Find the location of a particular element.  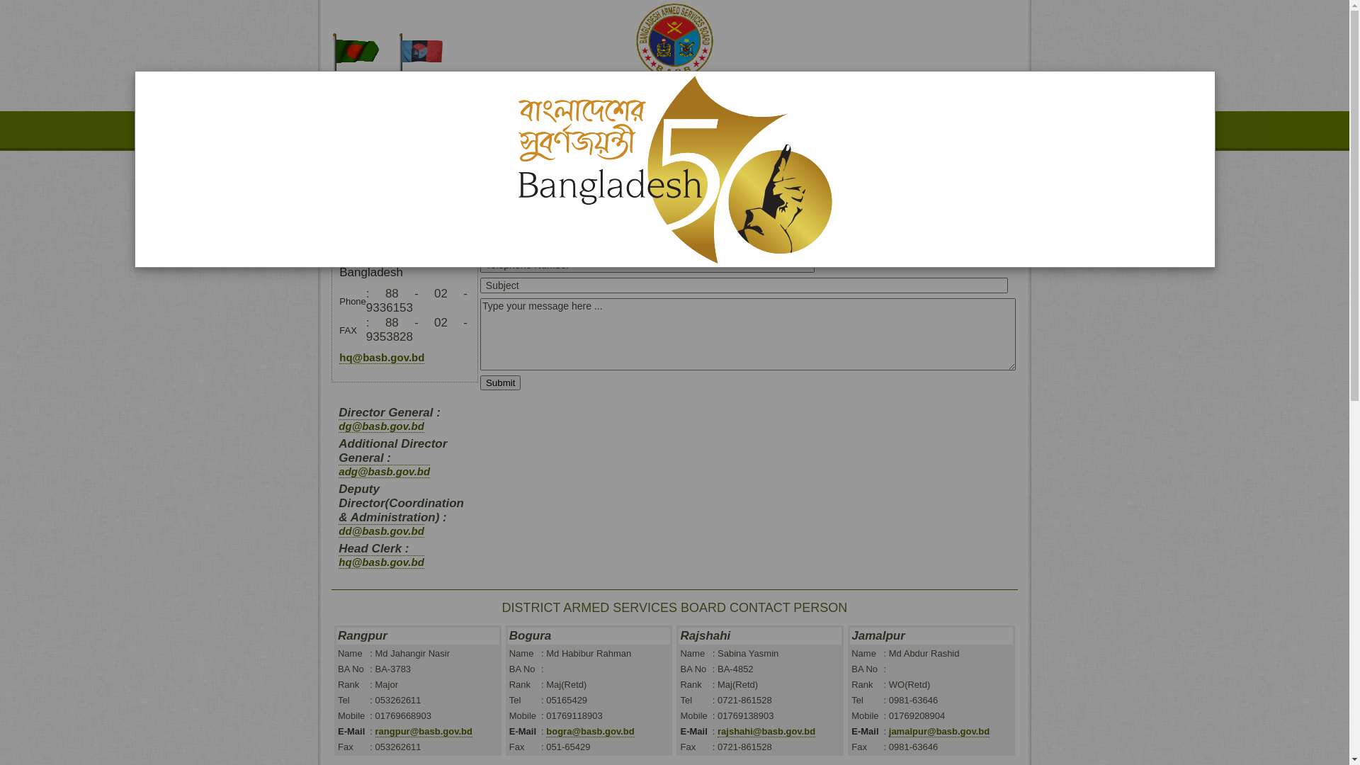

'jamalpur@basb.gov.bd' is located at coordinates (939, 732).